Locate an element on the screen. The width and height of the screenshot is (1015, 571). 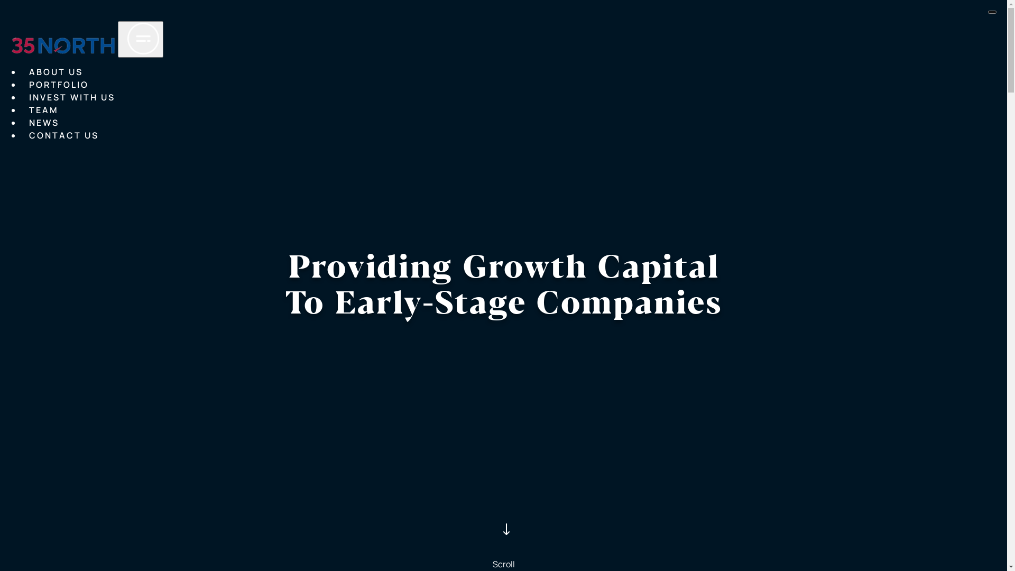
'INVEST WITH US' is located at coordinates (29, 98).